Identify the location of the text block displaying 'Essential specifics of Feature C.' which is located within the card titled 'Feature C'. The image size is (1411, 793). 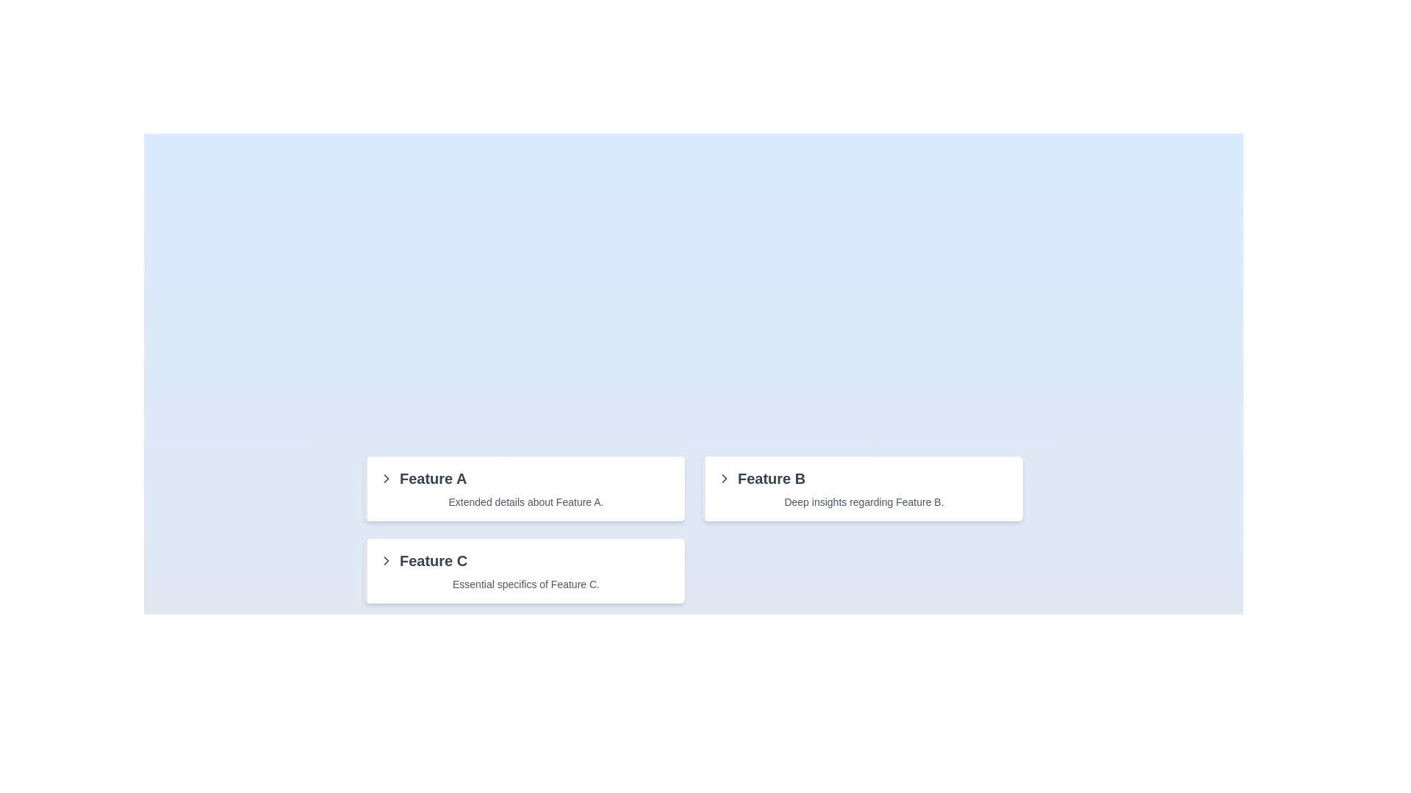
(525, 583).